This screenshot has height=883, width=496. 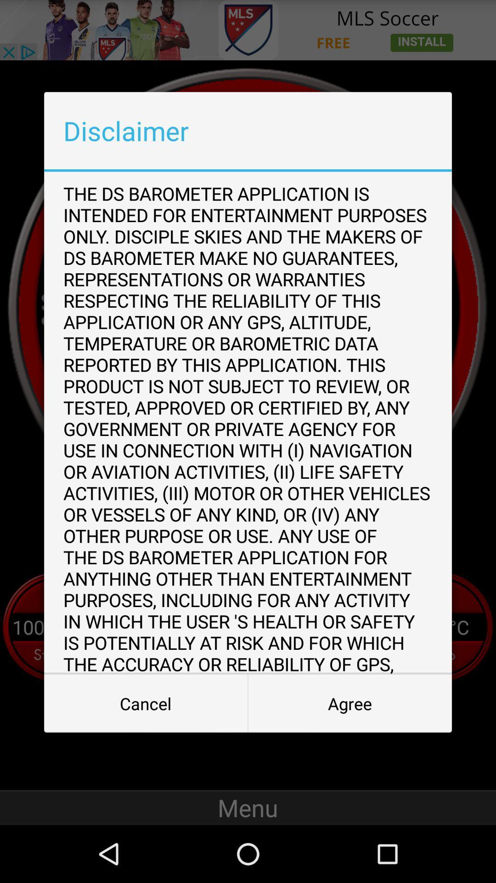 I want to click on button next to agree button, so click(x=145, y=703).